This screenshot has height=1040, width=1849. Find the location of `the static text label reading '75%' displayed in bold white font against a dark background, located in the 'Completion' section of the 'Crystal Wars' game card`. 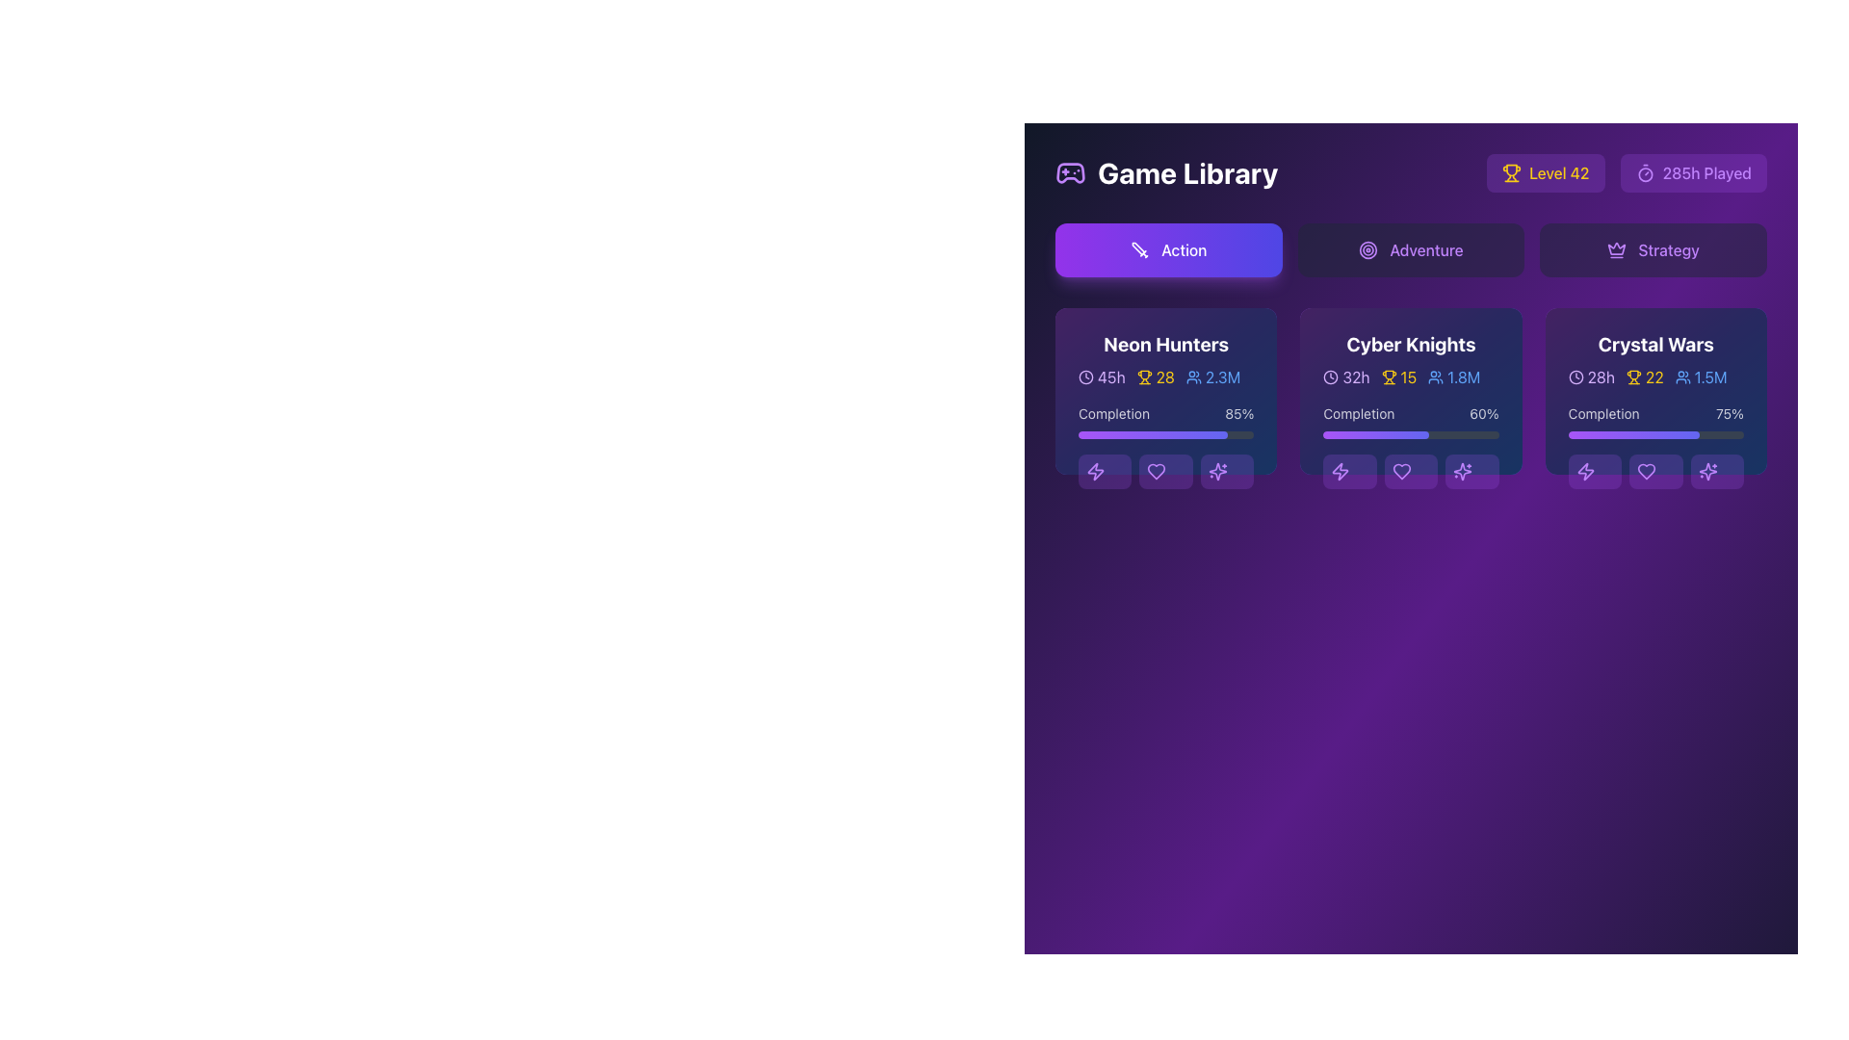

the static text label reading '75%' displayed in bold white font against a dark background, located in the 'Completion' section of the 'Crystal Wars' game card is located at coordinates (1730, 412).